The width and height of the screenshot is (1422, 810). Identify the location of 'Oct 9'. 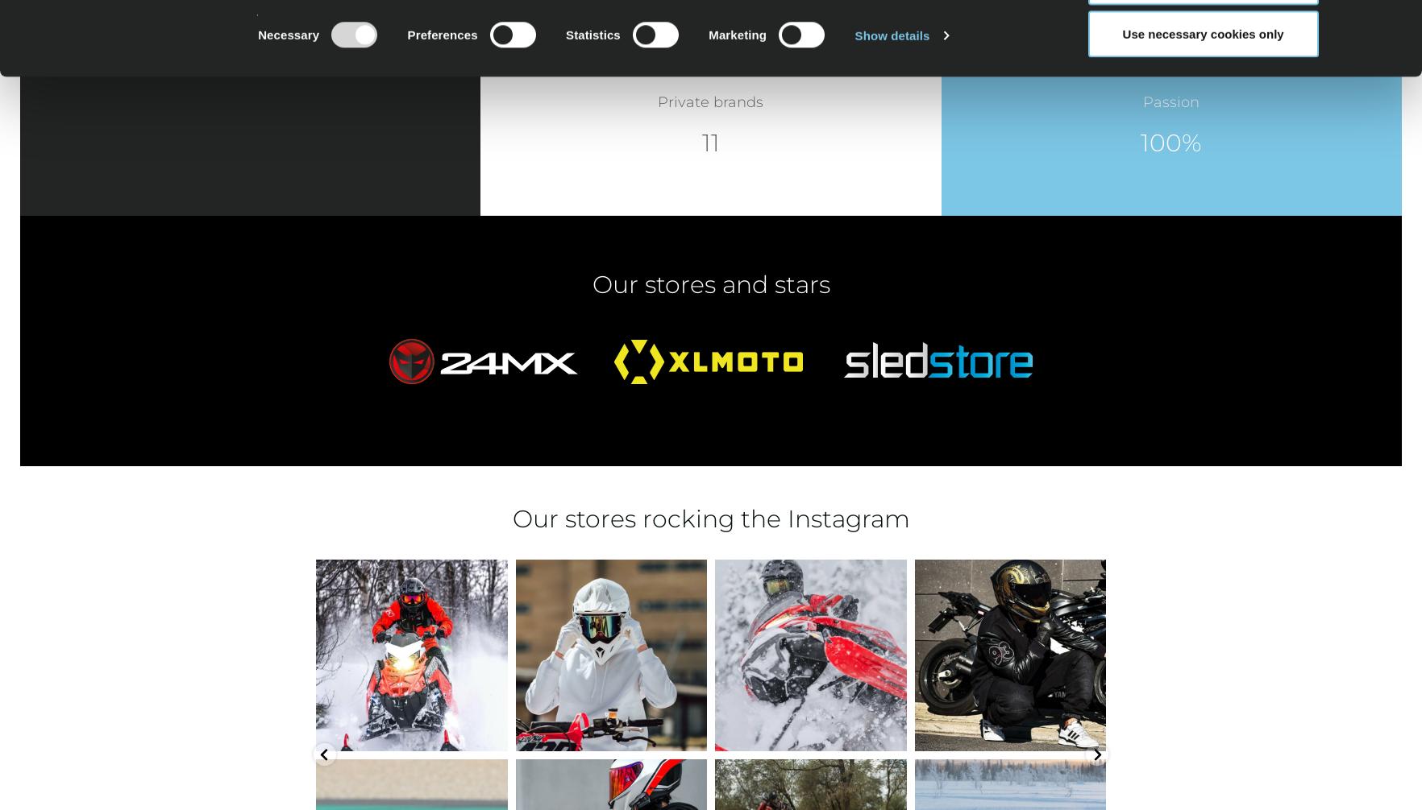
(815, 732).